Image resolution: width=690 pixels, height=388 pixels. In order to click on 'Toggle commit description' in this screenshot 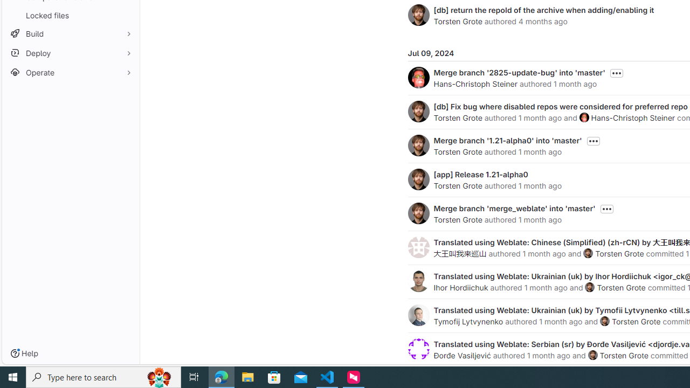, I will do `click(606, 209)`.